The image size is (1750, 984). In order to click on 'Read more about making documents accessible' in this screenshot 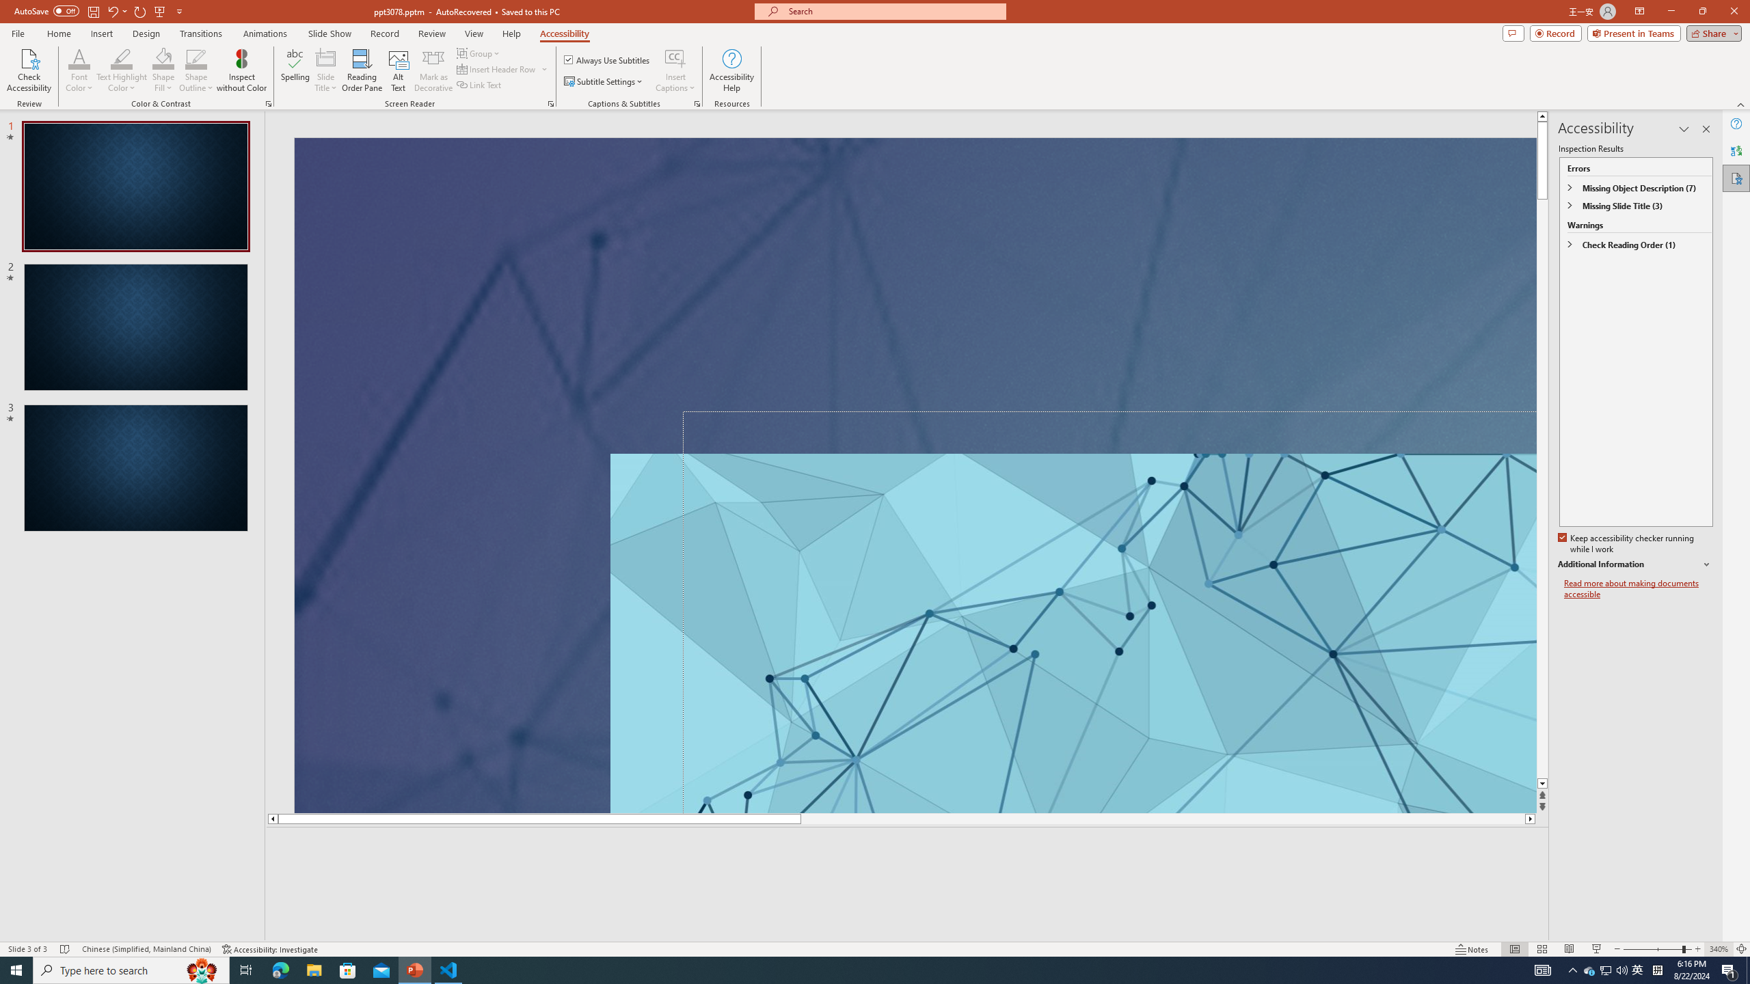, I will do `click(1638, 588)`.